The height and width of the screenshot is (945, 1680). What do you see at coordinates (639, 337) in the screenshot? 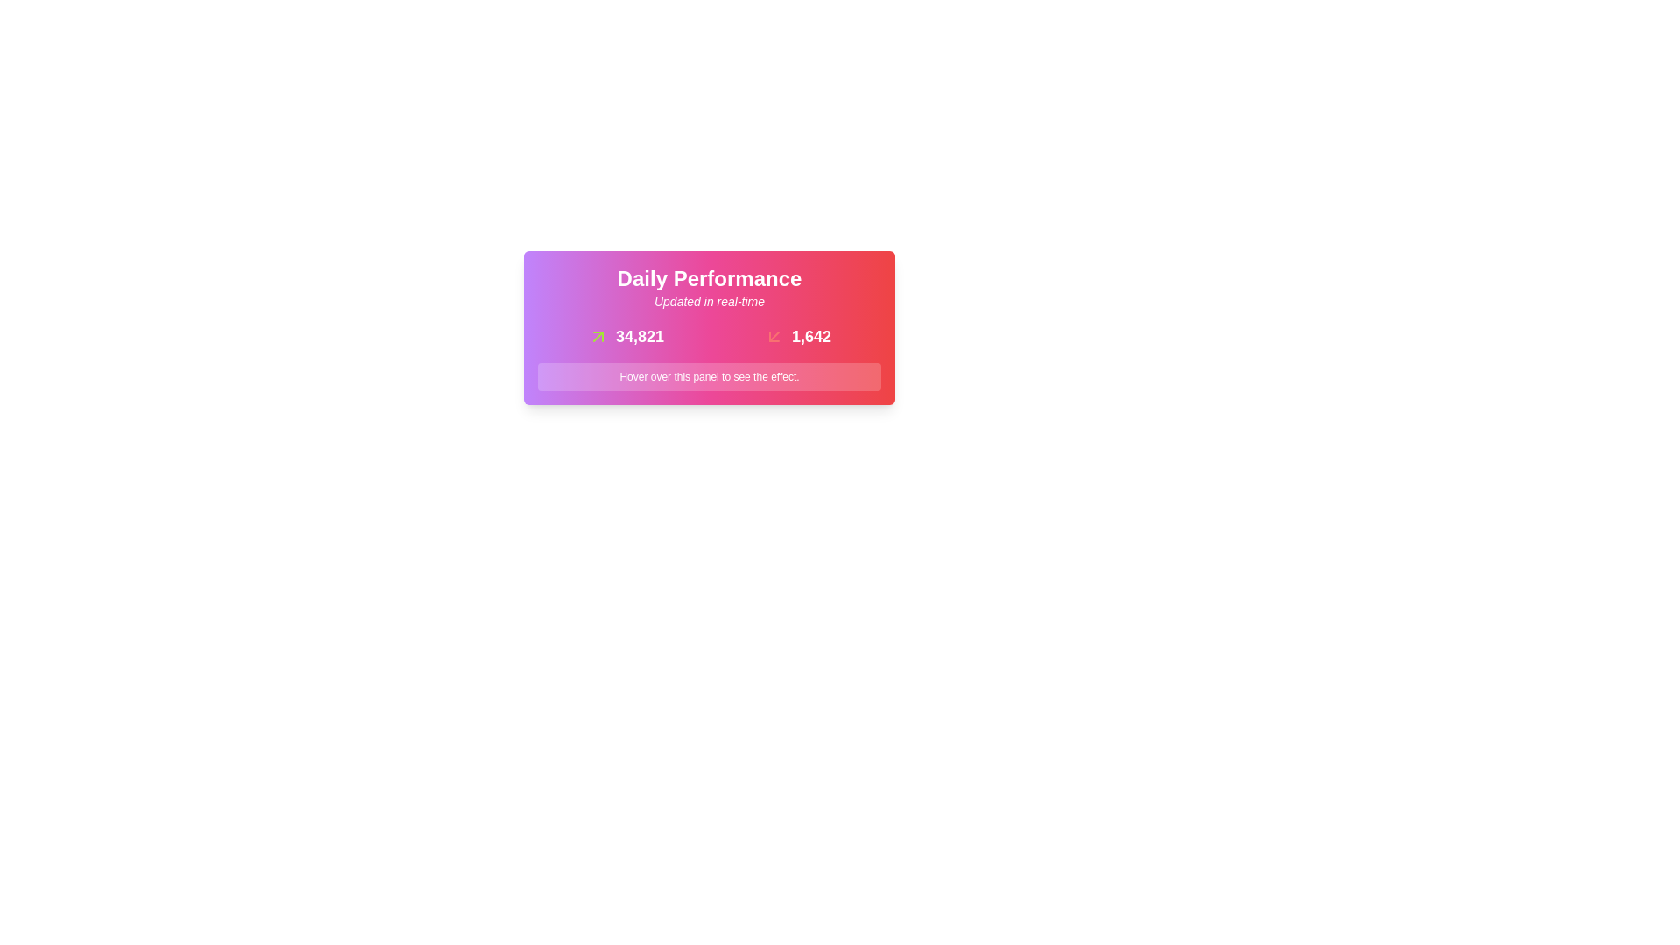
I see `displayed numerical metric in the 'Daily Performance' panel, located to the left of the green upward arrow icon` at bounding box center [639, 337].